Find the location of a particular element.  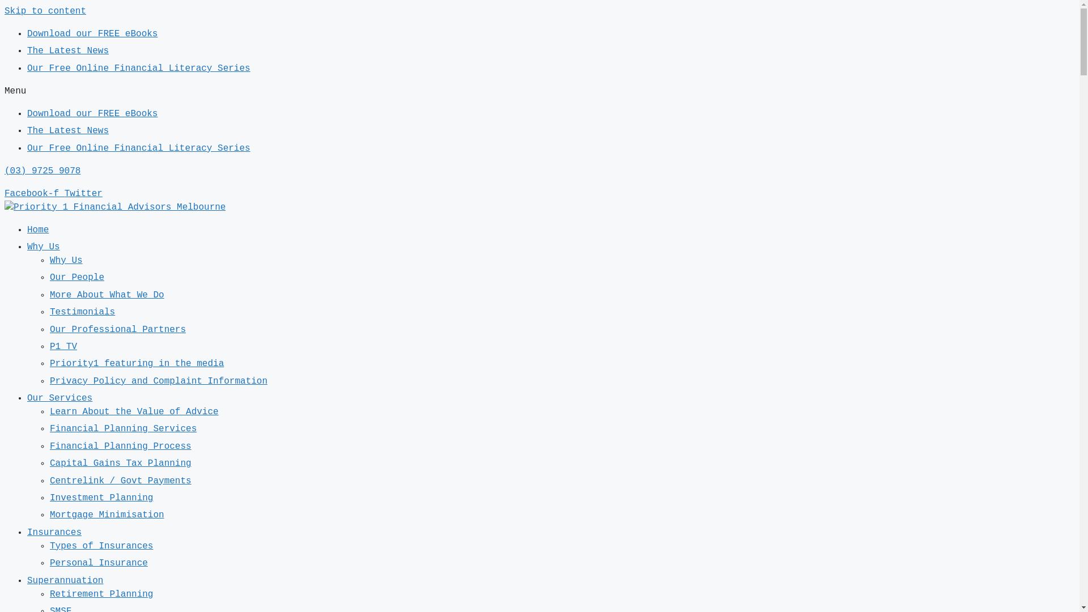

'Home' is located at coordinates (27, 229).